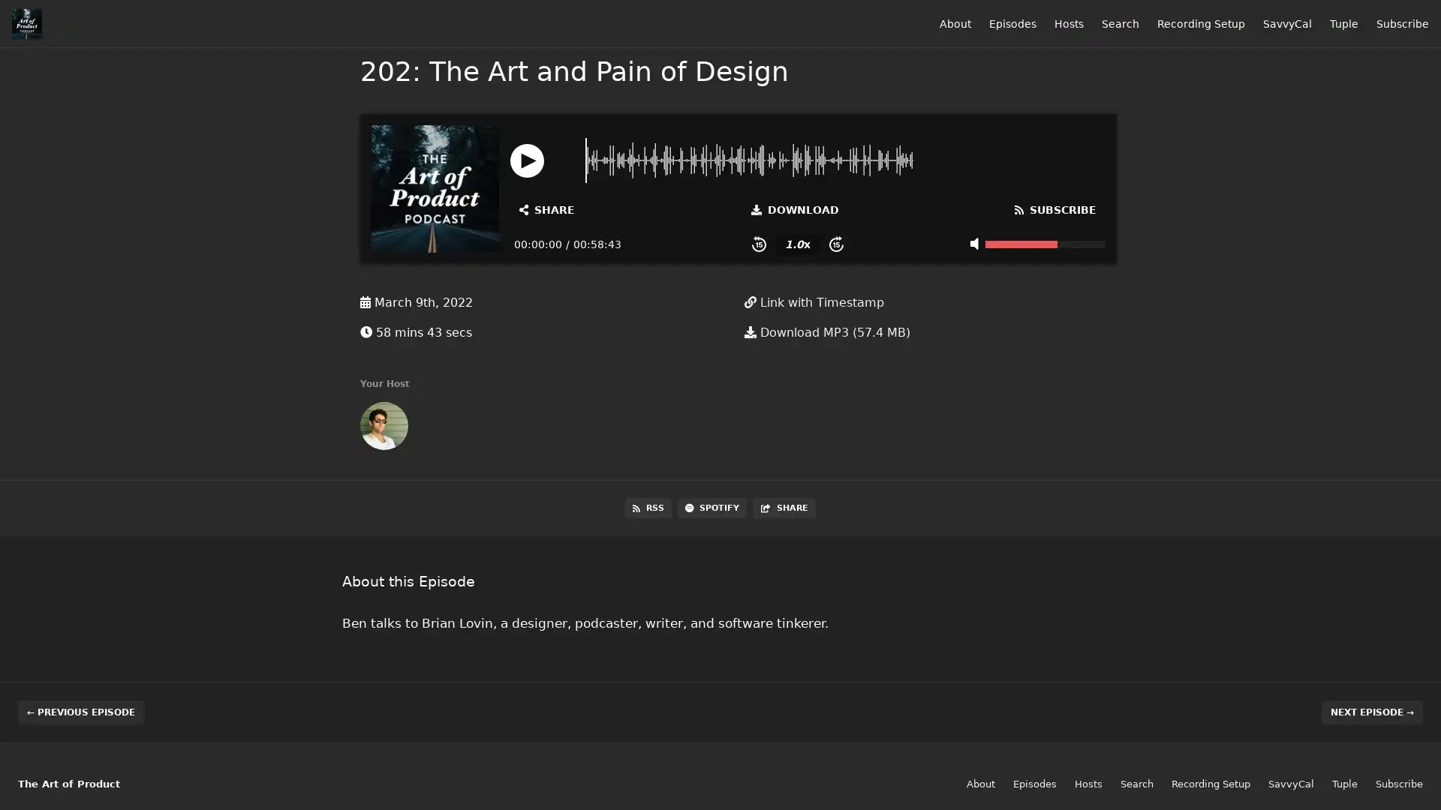 This screenshot has width=1441, height=810. I want to click on Skip Back 15 Seconds, so click(759, 242).